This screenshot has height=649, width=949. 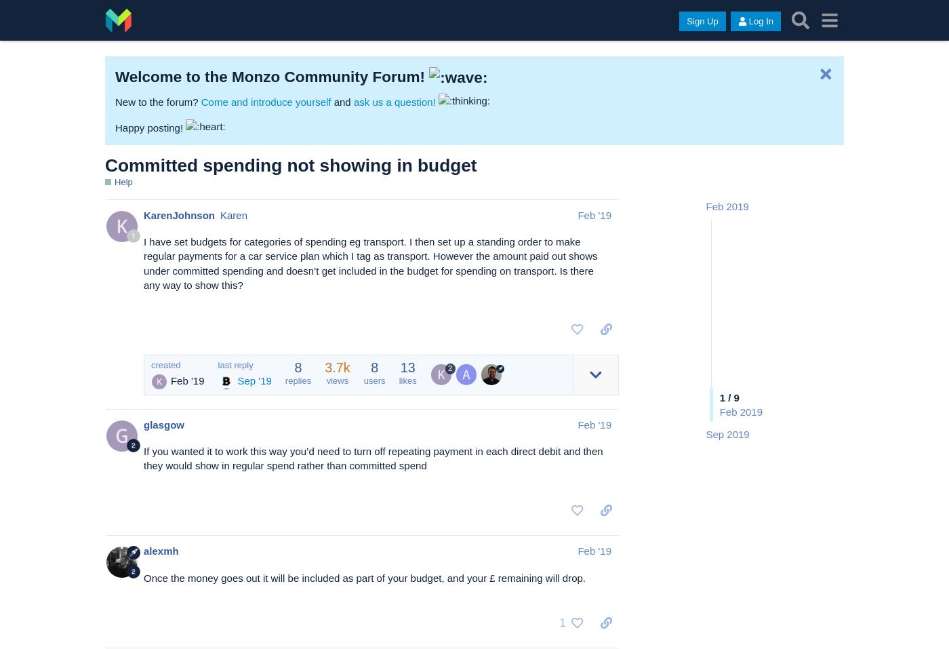 I want to click on 'Karen', so click(x=233, y=214).